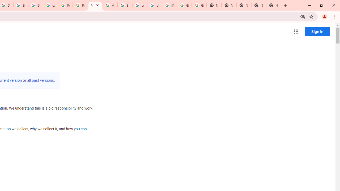 The width and height of the screenshot is (340, 191). Describe the element at coordinates (21, 5) in the screenshot. I see `'Sign in - Google Accounts'` at that location.